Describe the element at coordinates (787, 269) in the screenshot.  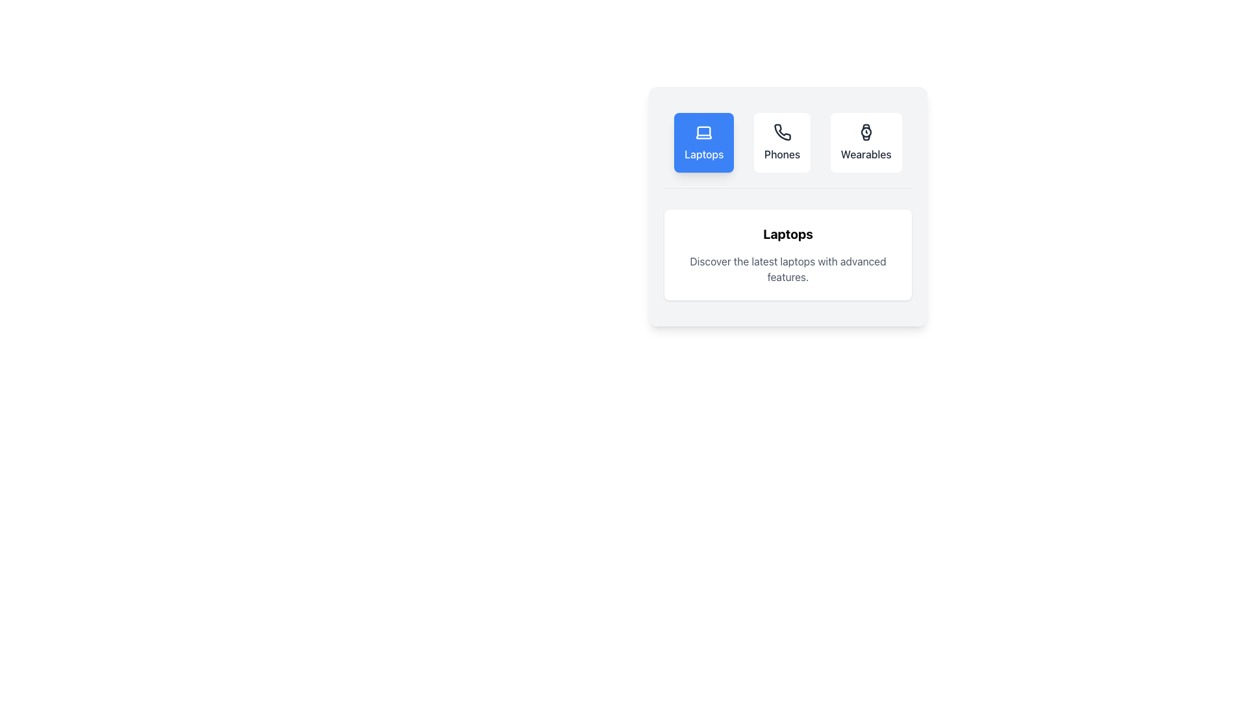
I see `the Static Text element that provides descriptive information about the laptops category, located below the 'Laptops' title and centrally aligned in a white box` at that location.